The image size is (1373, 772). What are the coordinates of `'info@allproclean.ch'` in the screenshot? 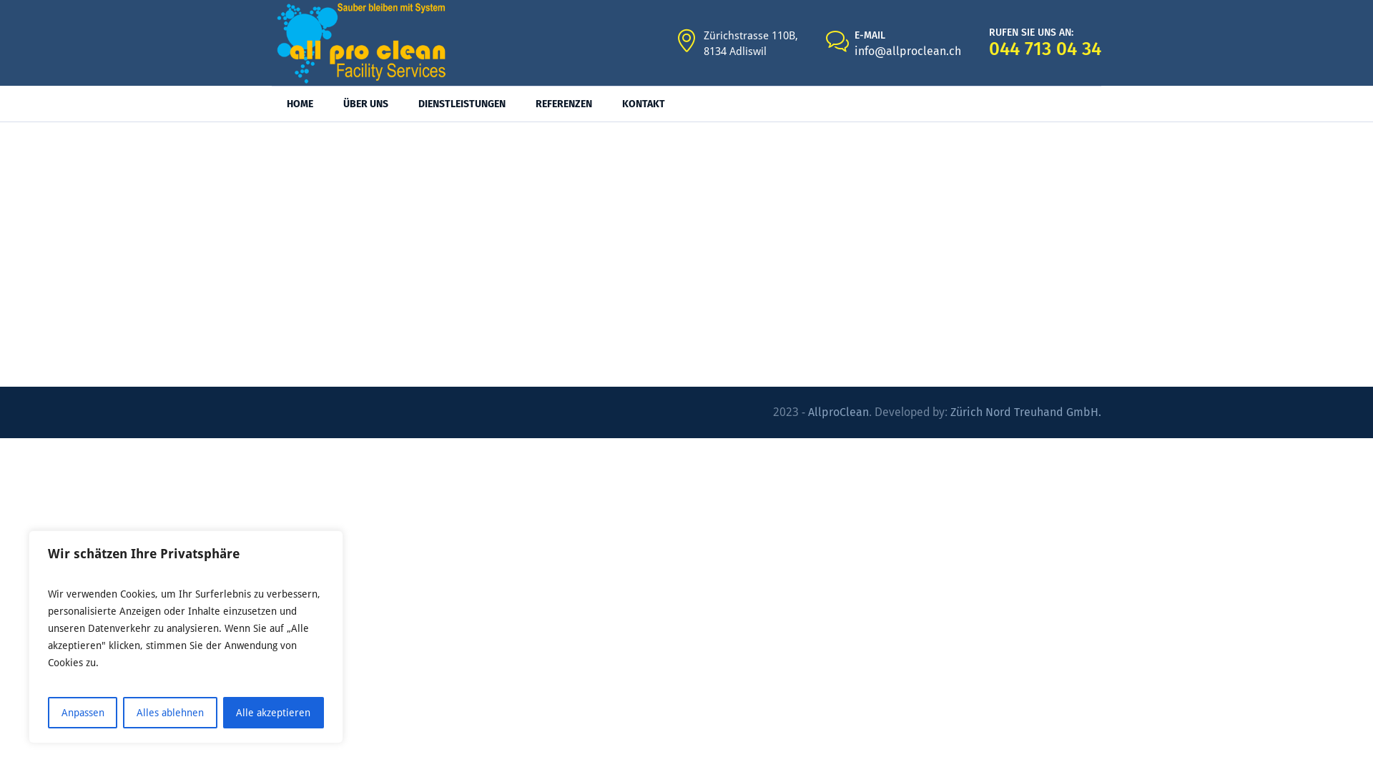 It's located at (907, 50).